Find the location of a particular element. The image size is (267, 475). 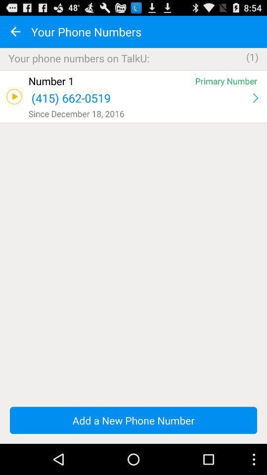

(415) 662-0519 icon is located at coordinates (139, 98).